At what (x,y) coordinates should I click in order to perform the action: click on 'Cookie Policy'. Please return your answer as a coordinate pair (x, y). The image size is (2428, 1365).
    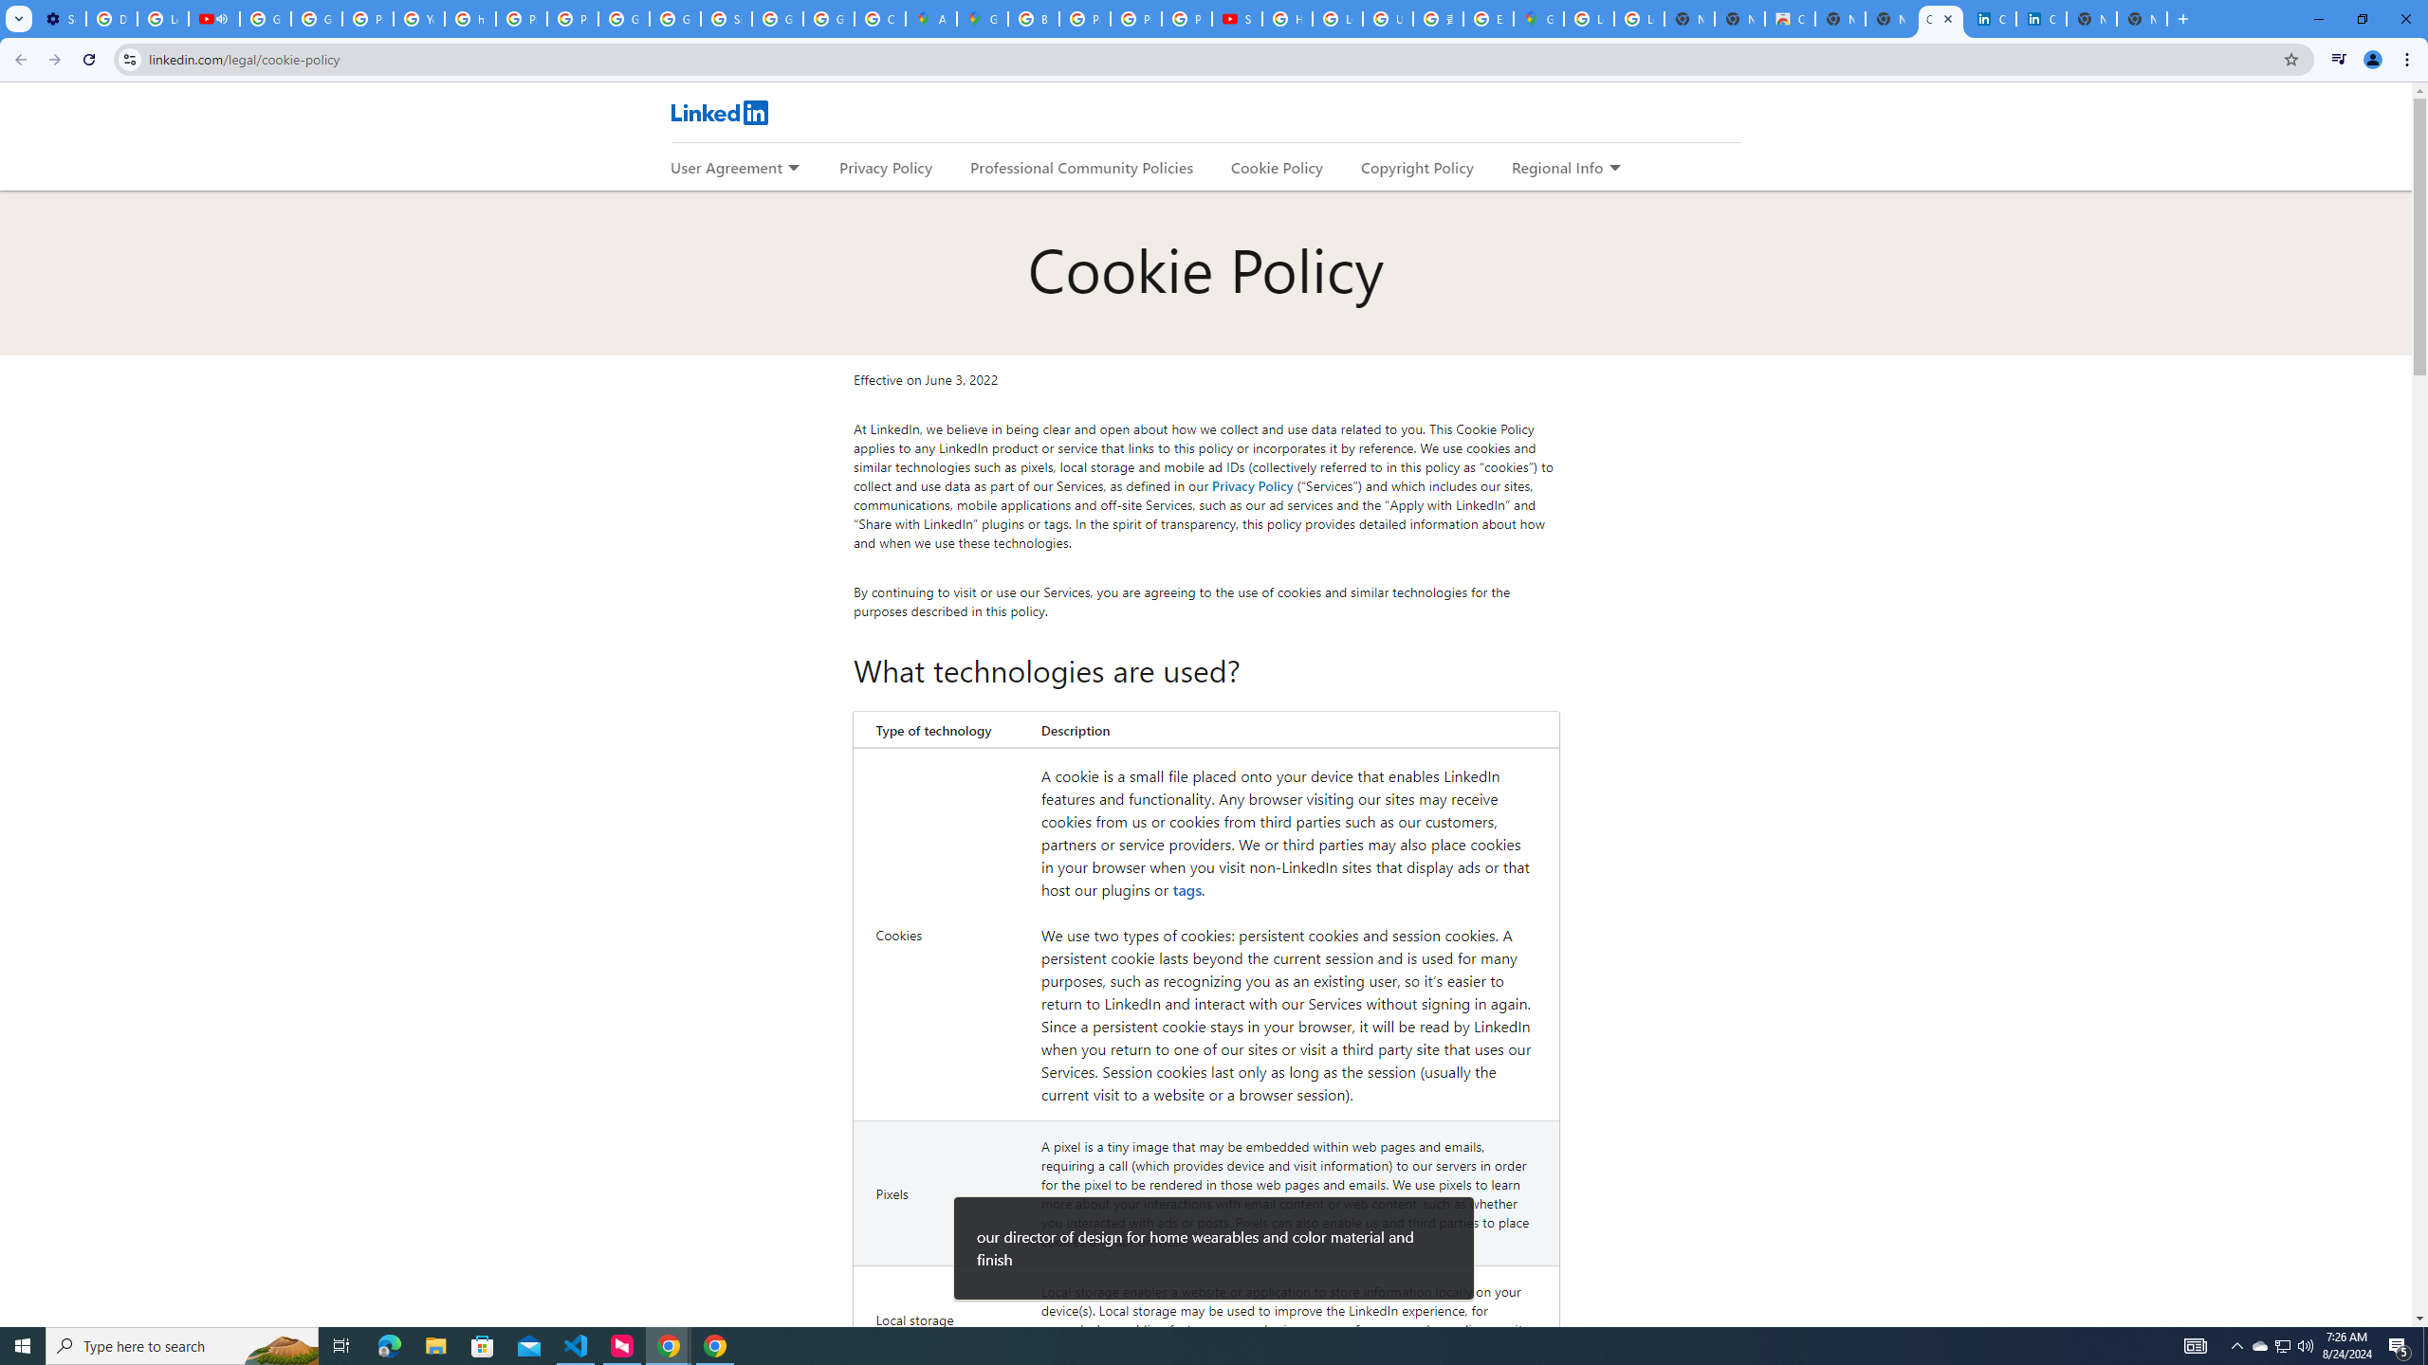
    Looking at the image, I should click on (1276, 167).